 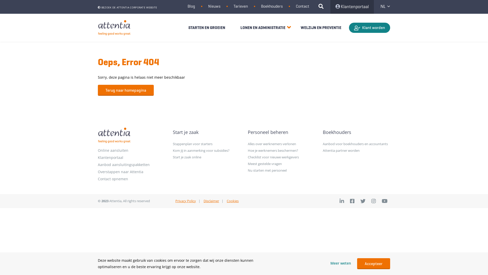 I want to click on 'Klant worden', so click(x=370, y=28).